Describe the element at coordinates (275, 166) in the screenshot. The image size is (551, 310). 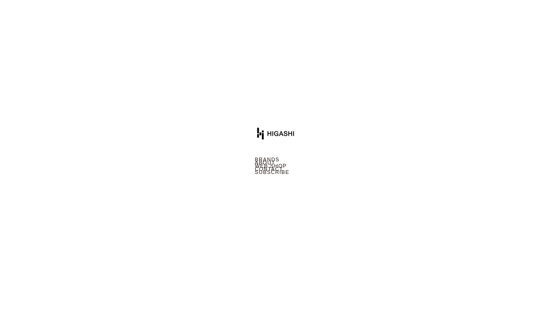
I see `'WEB SHOP'` at that location.